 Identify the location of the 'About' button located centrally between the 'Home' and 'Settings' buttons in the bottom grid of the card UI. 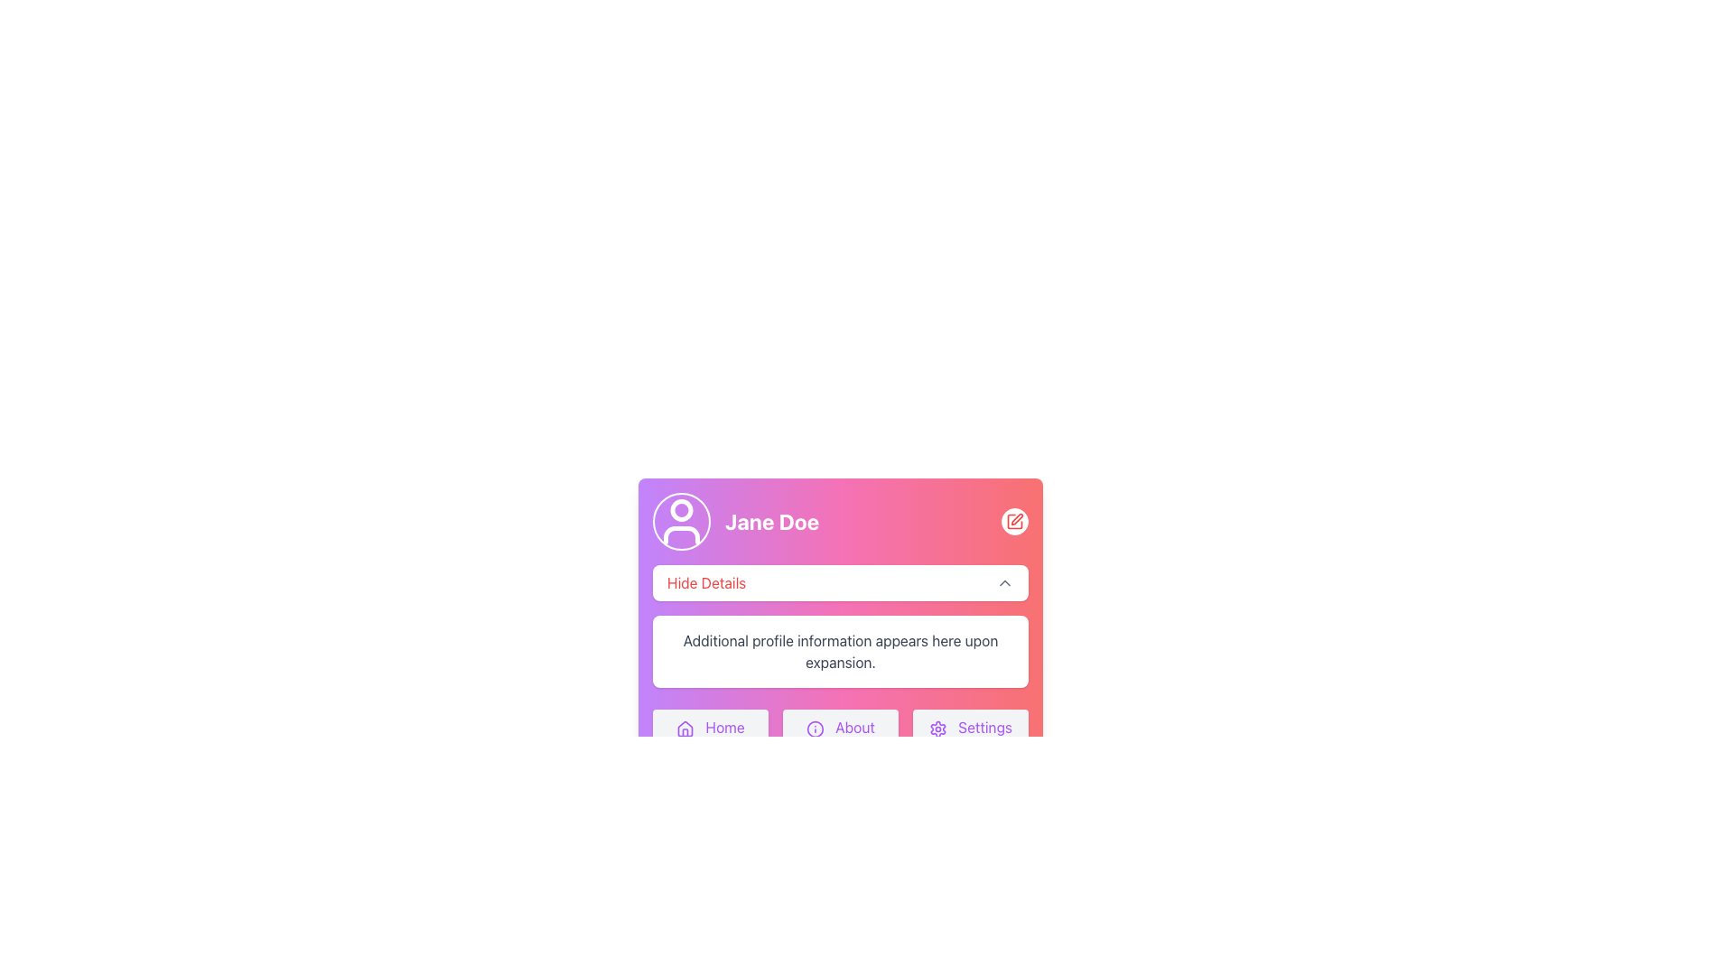
(840, 727).